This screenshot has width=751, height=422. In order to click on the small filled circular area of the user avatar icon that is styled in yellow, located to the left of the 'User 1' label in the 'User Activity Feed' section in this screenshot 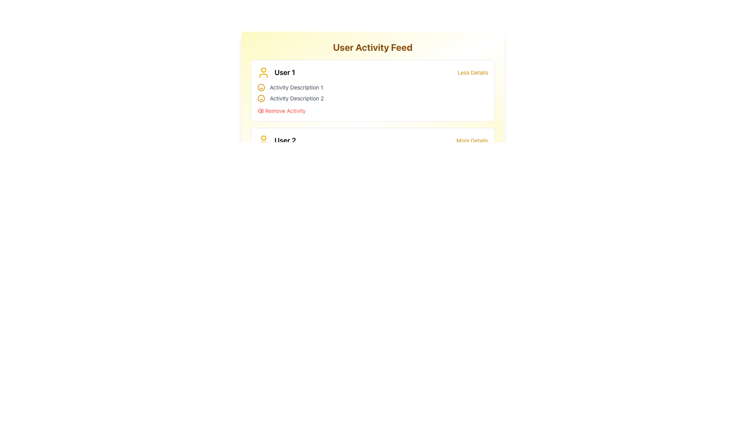, I will do `click(263, 69)`.